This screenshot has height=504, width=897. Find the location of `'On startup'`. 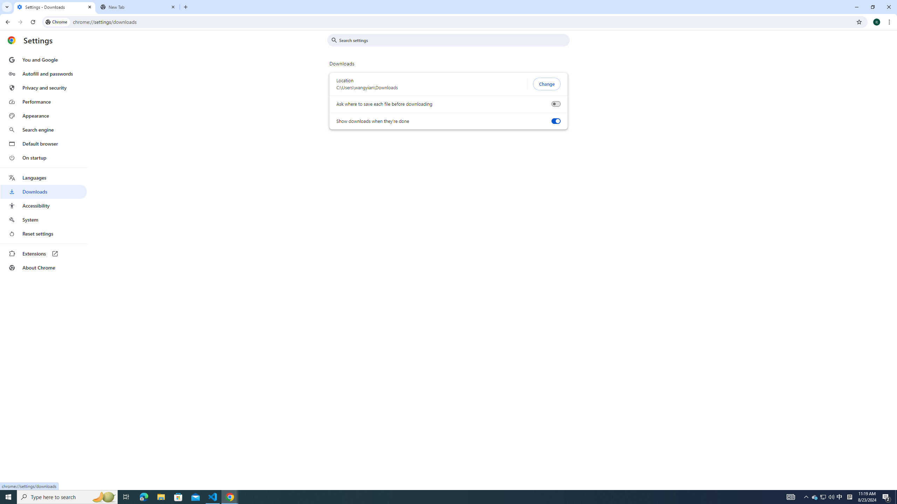

'On startup' is located at coordinates (43, 157).